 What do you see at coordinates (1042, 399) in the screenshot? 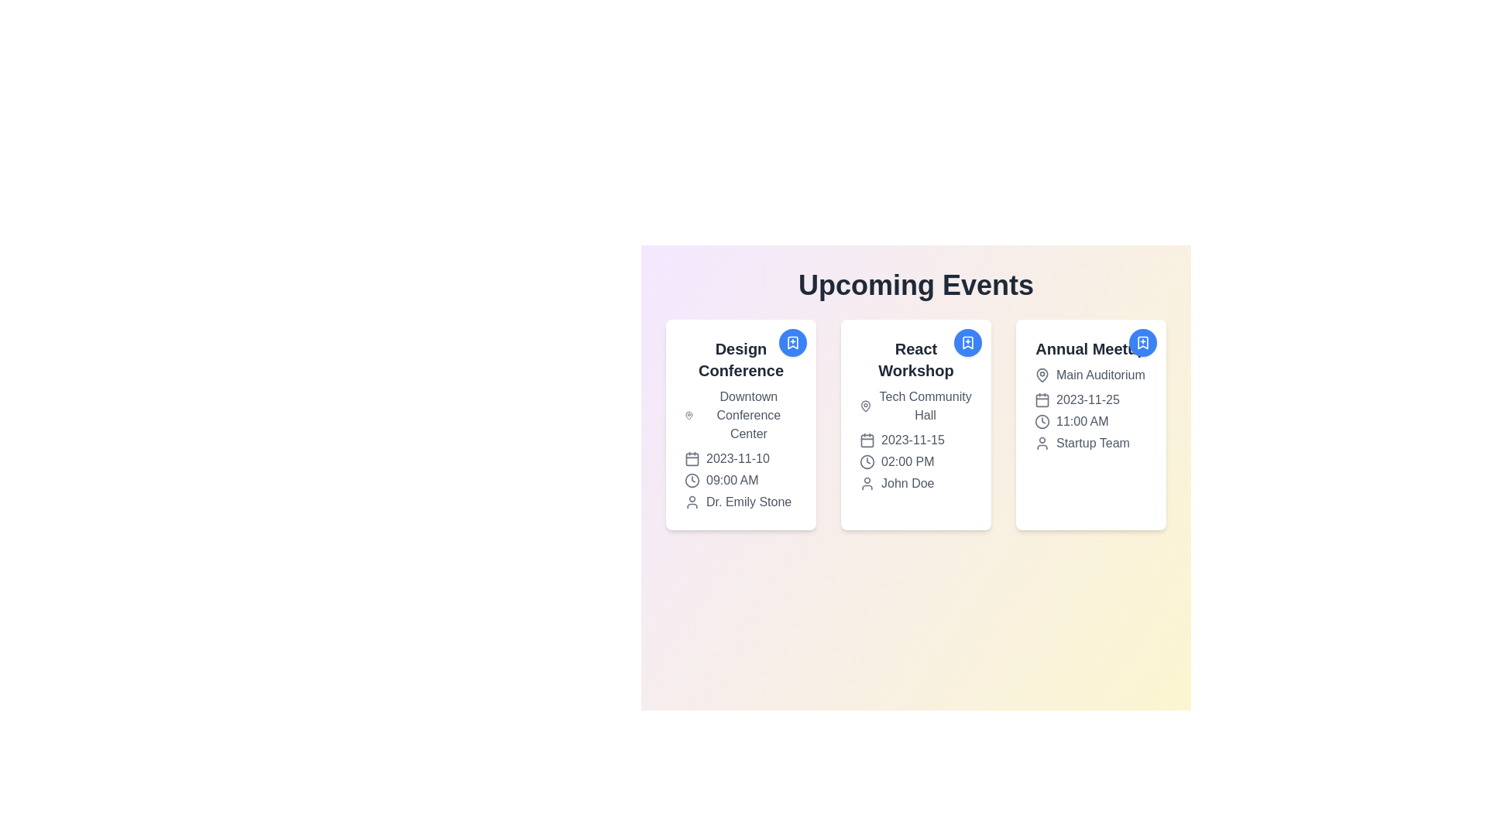
I see `the calendar icon, which has a square base with rounded corners and is part of the 'React Workshop' event card, located at the center-left area above the date text '2023-11-15'` at bounding box center [1042, 399].